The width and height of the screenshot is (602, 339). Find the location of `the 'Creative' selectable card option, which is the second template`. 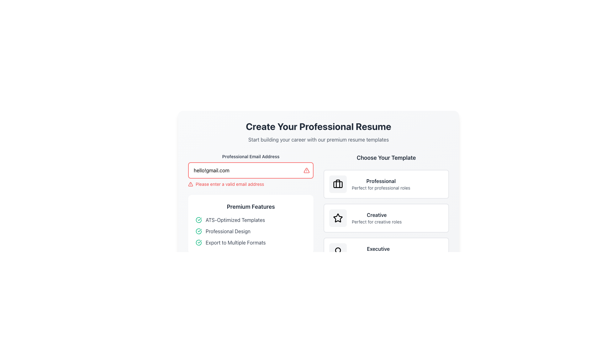

the 'Creative' selectable card option, which is the second template is located at coordinates (386, 210).